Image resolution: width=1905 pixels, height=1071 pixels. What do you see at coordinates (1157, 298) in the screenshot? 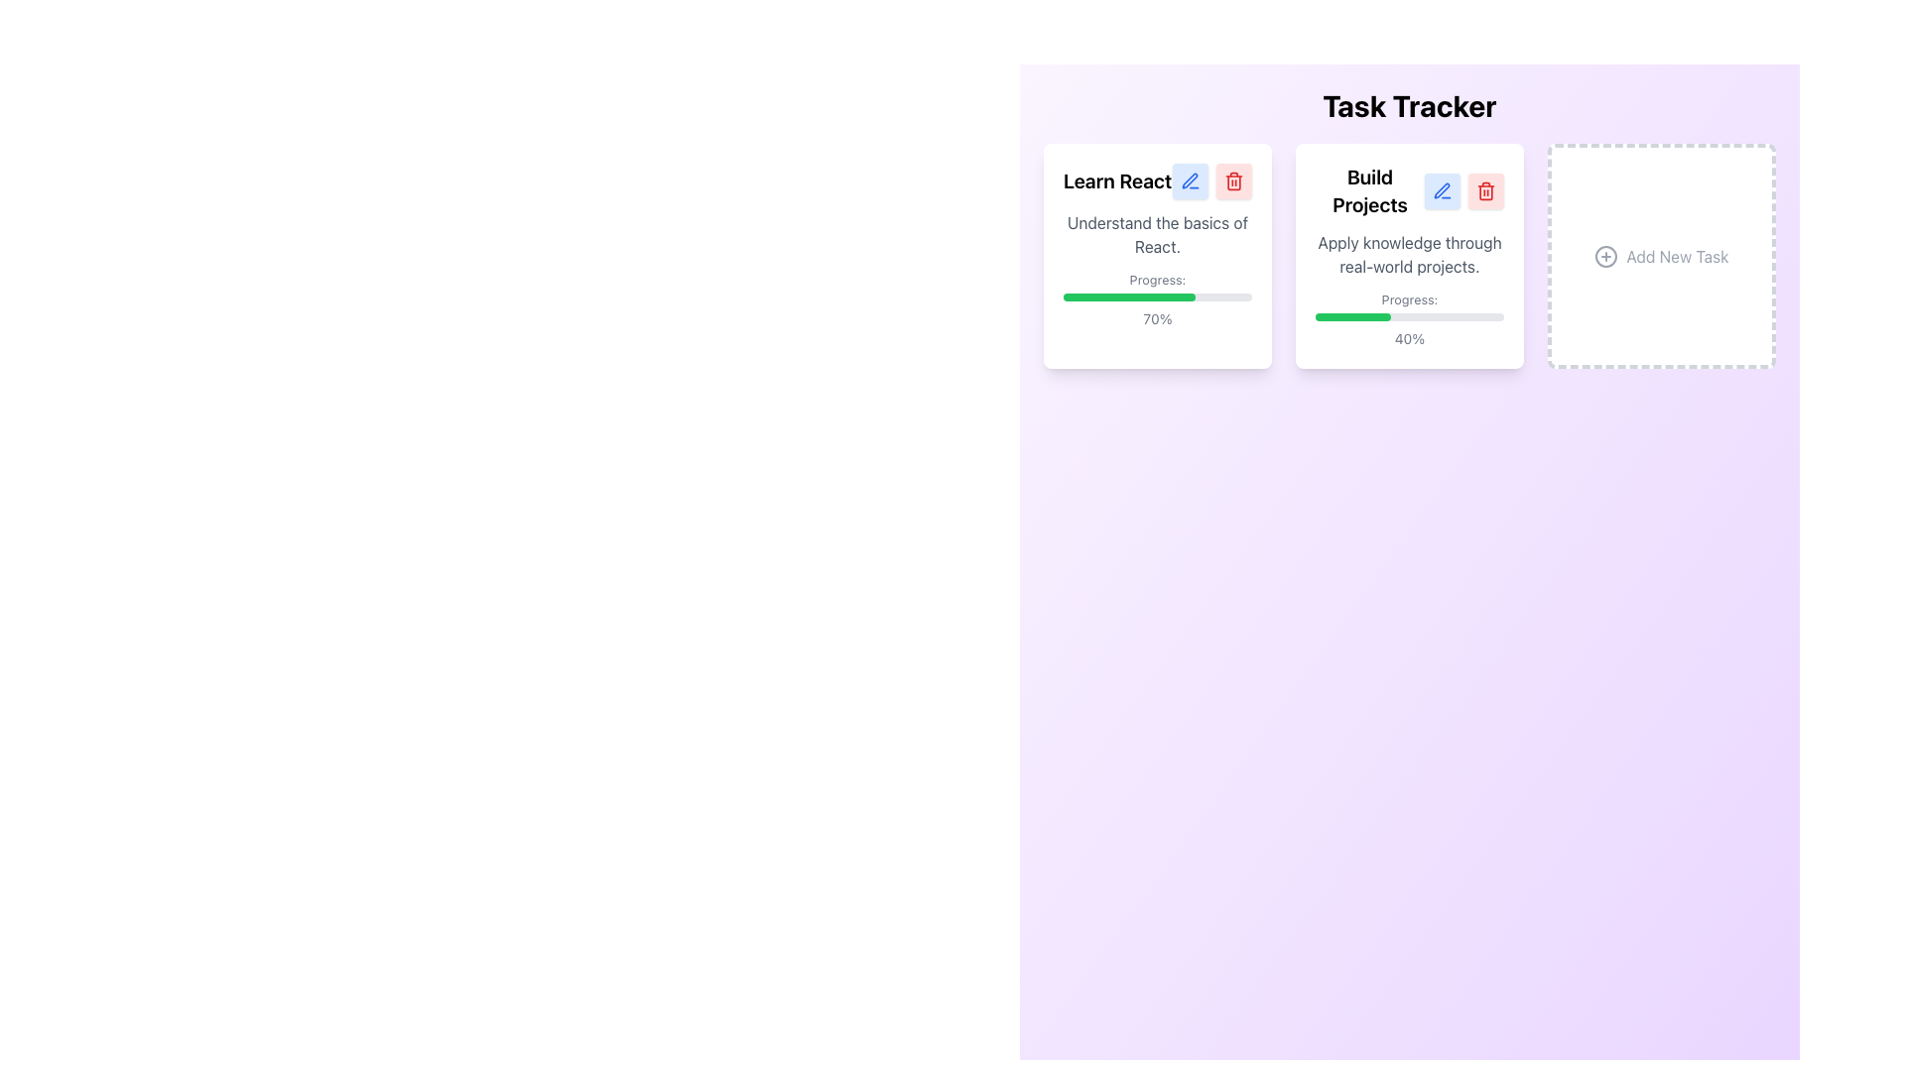
I see `the content of the Progress bar that indicates the completion percentage for the 'Learn React' task, located at the bottom center of the card component` at bounding box center [1157, 298].